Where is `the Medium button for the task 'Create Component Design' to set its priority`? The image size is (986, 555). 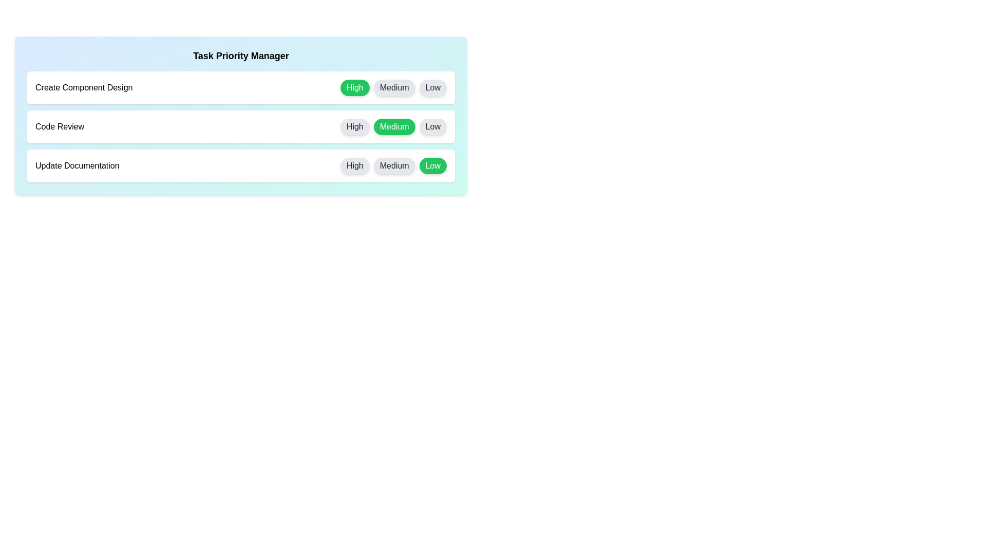 the Medium button for the task 'Create Component Design' to set its priority is located at coordinates (394, 87).